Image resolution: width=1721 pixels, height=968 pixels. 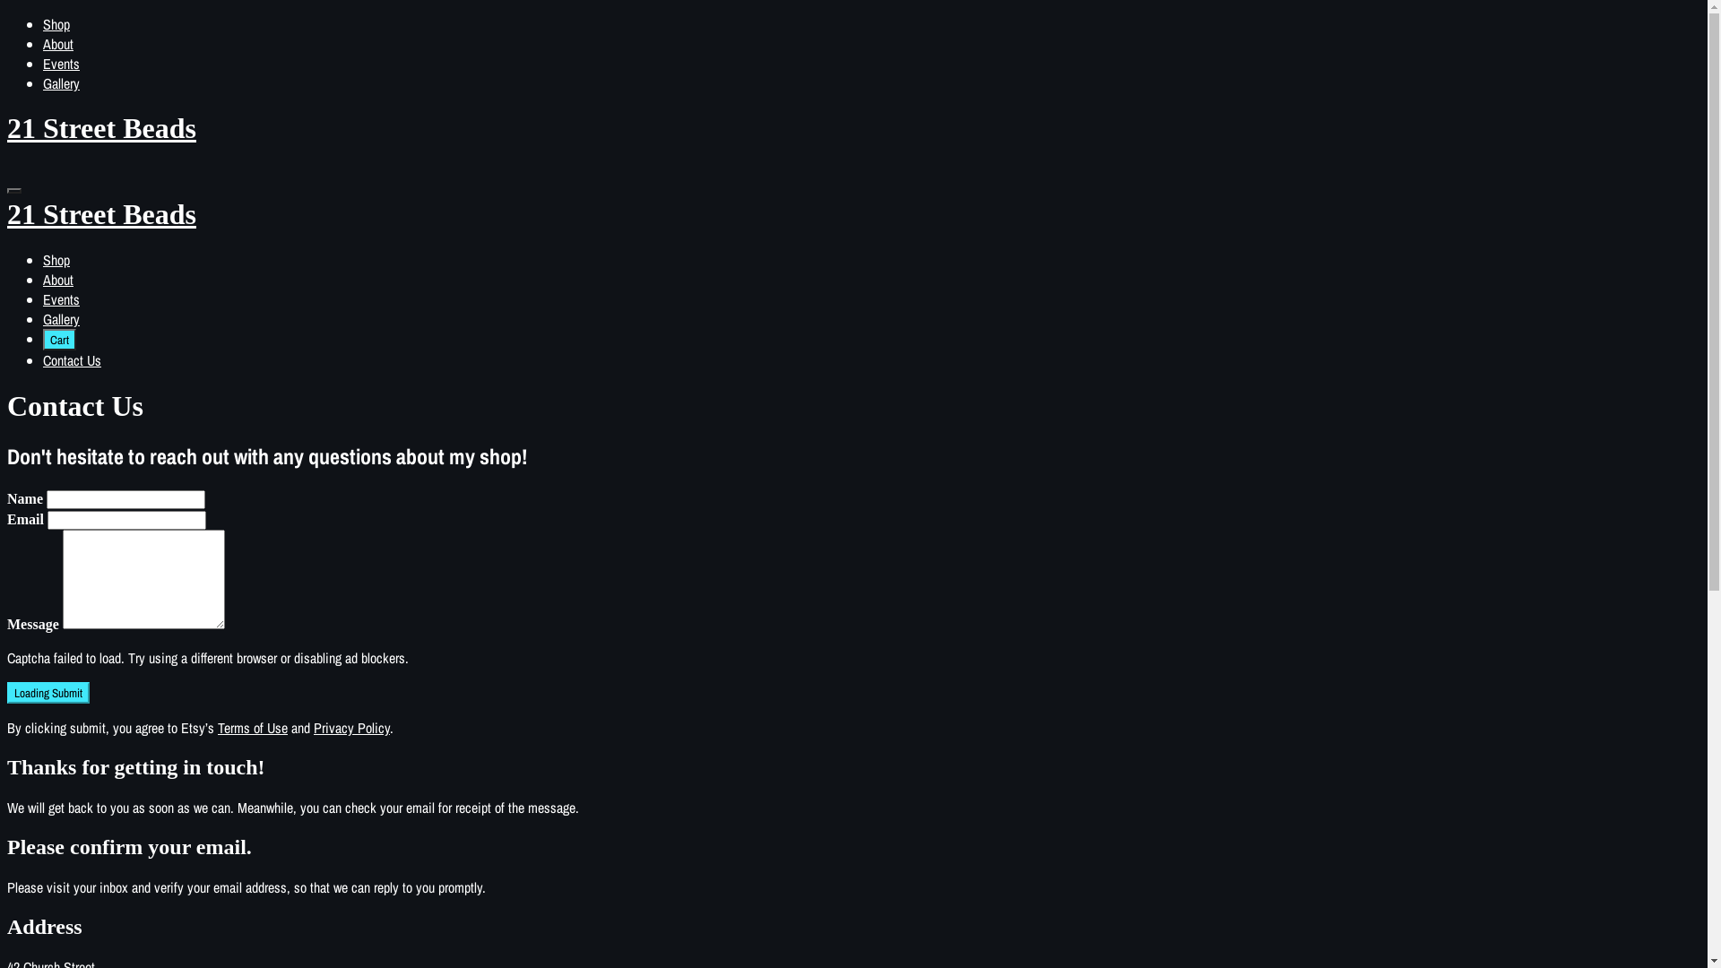 What do you see at coordinates (852, 127) in the screenshot?
I see `'21 Street Beads'` at bounding box center [852, 127].